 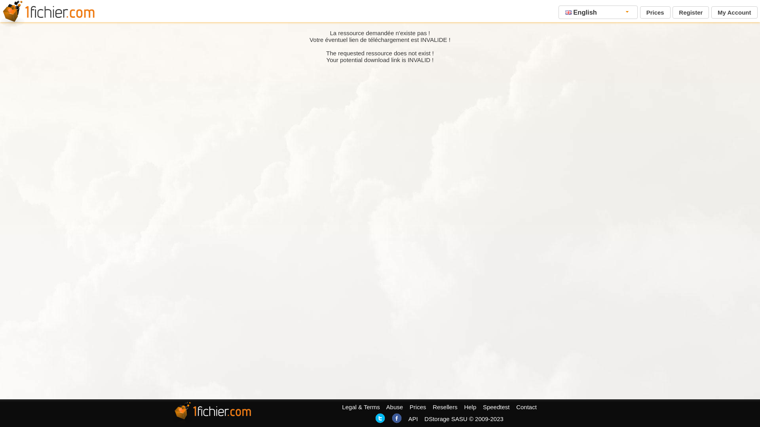 I want to click on 'Speedtest', so click(x=496, y=407).